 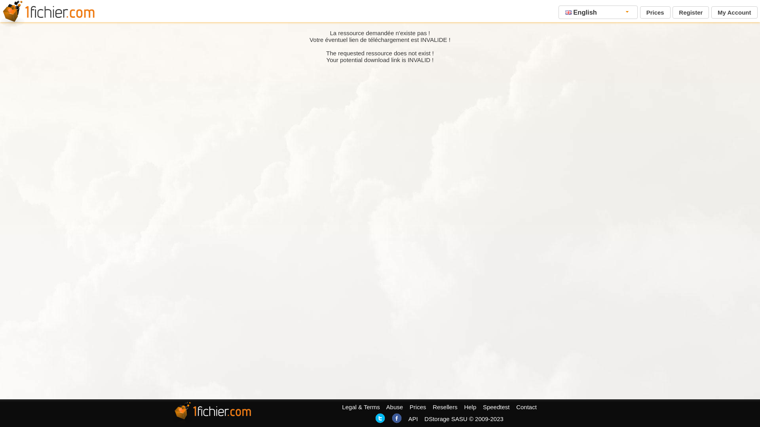 I want to click on 'Speedtest', so click(x=496, y=407).